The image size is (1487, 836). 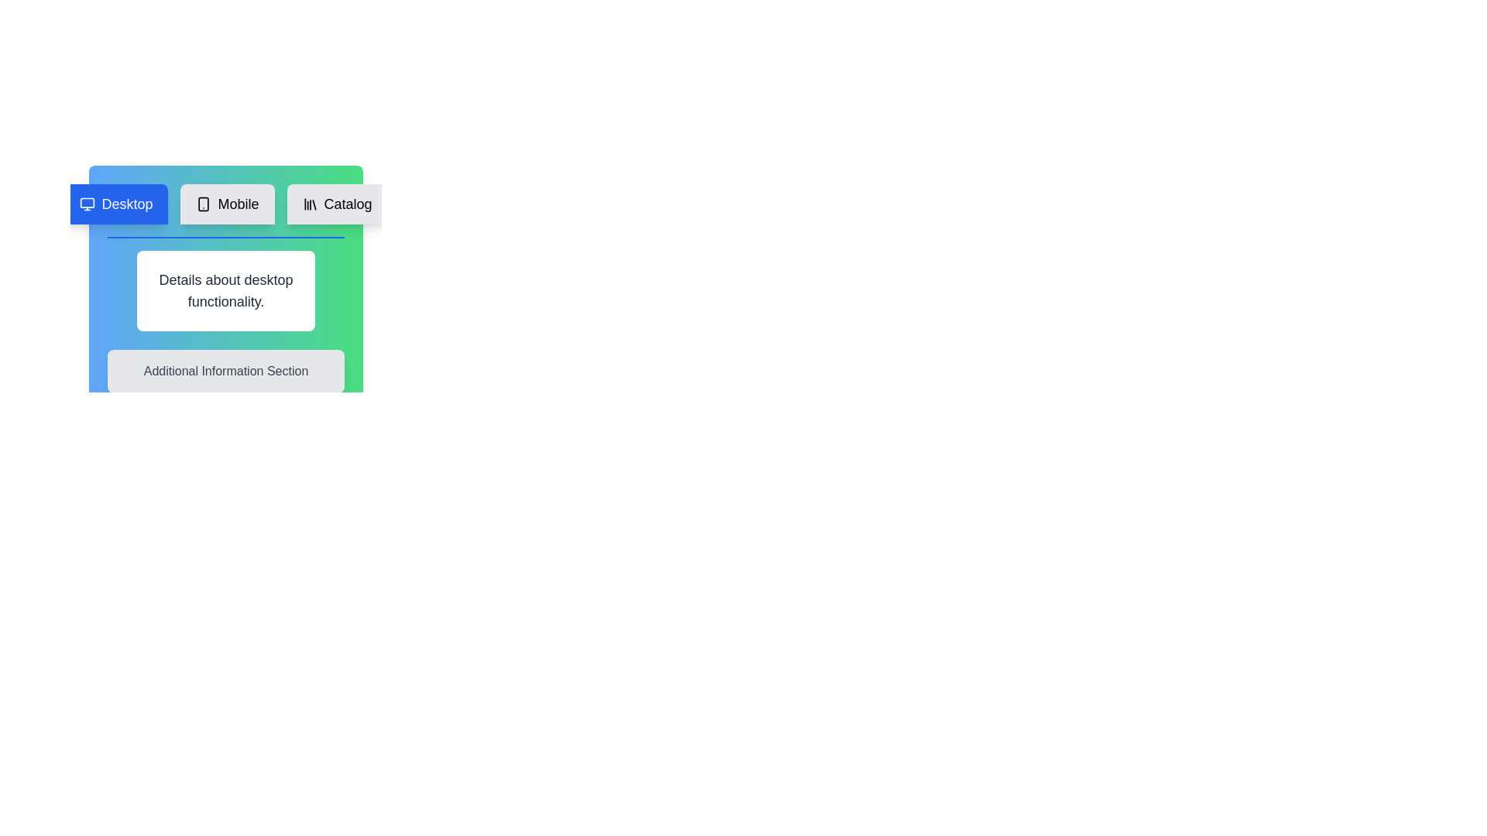 What do you see at coordinates (115, 203) in the screenshot?
I see `the Desktop tab` at bounding box center [115, 203].